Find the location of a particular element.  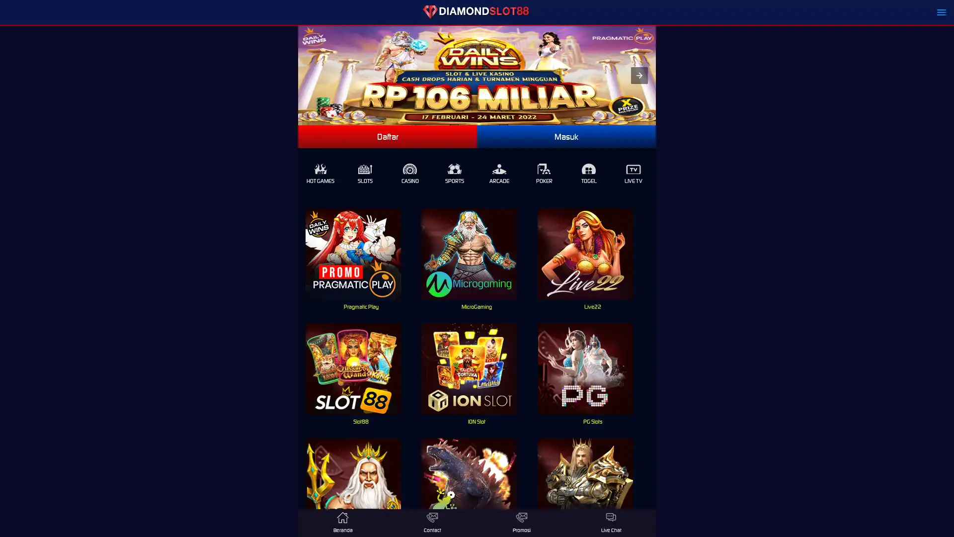

Previous item in carousel (1 of 13) is located at coordinates (306, 75).